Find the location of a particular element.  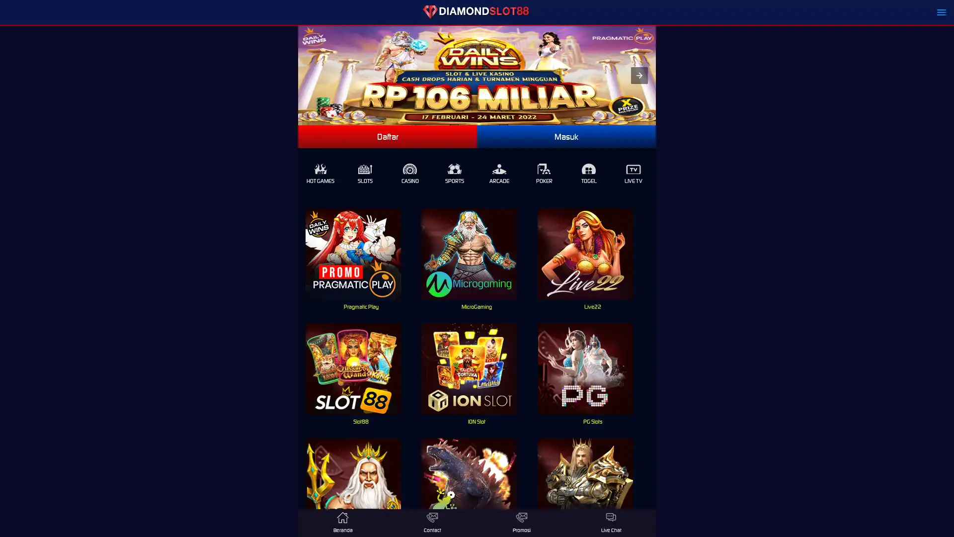

Previous item in carousel (1 of 13) is located at coordinates (306, 75).